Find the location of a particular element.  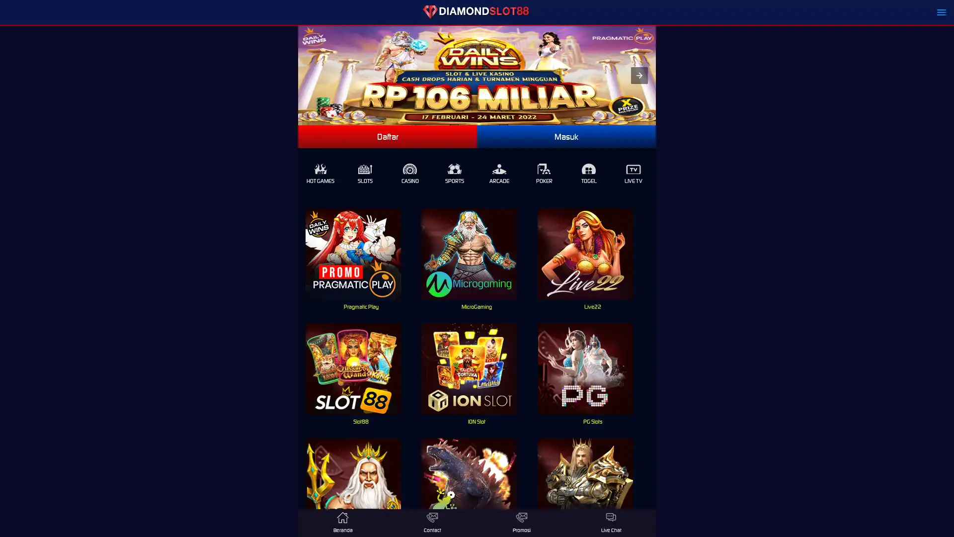

Previous item in carousel (1 of 13) is located at coordinates (306, 75).